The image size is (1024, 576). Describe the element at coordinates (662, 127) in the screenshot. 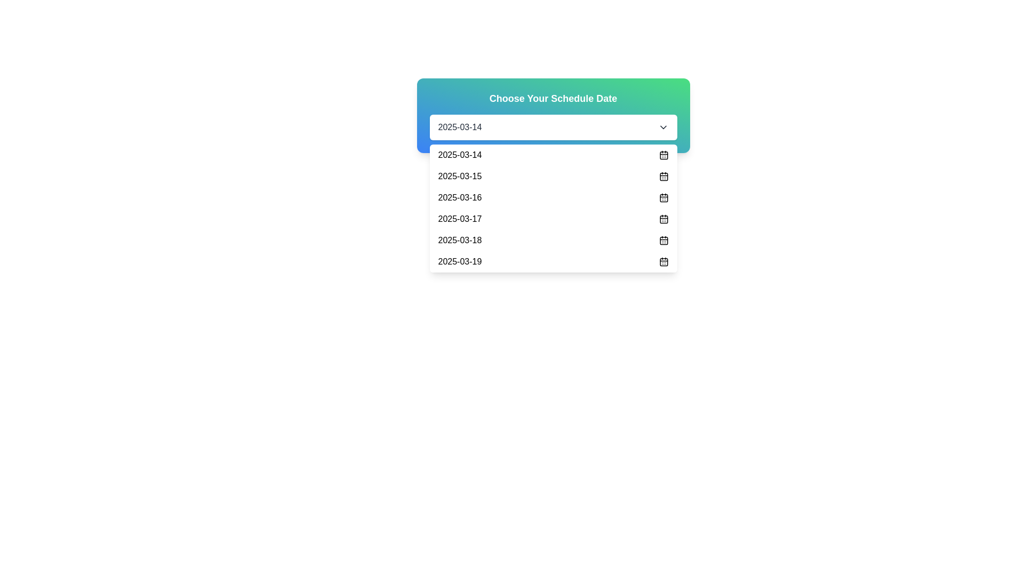

I see `the chevron icon on the extreme right side of the input field labeled '2025-03-14'` at that location.